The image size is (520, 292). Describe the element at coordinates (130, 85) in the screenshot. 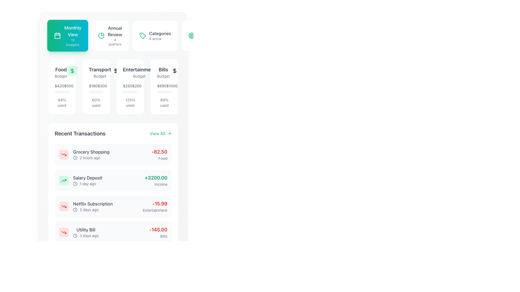

I see `the Text Display element that shows financial figures, located under the 'Entertainment Budget' section, directly below the budget title and above a percentage value indicator` at that location.